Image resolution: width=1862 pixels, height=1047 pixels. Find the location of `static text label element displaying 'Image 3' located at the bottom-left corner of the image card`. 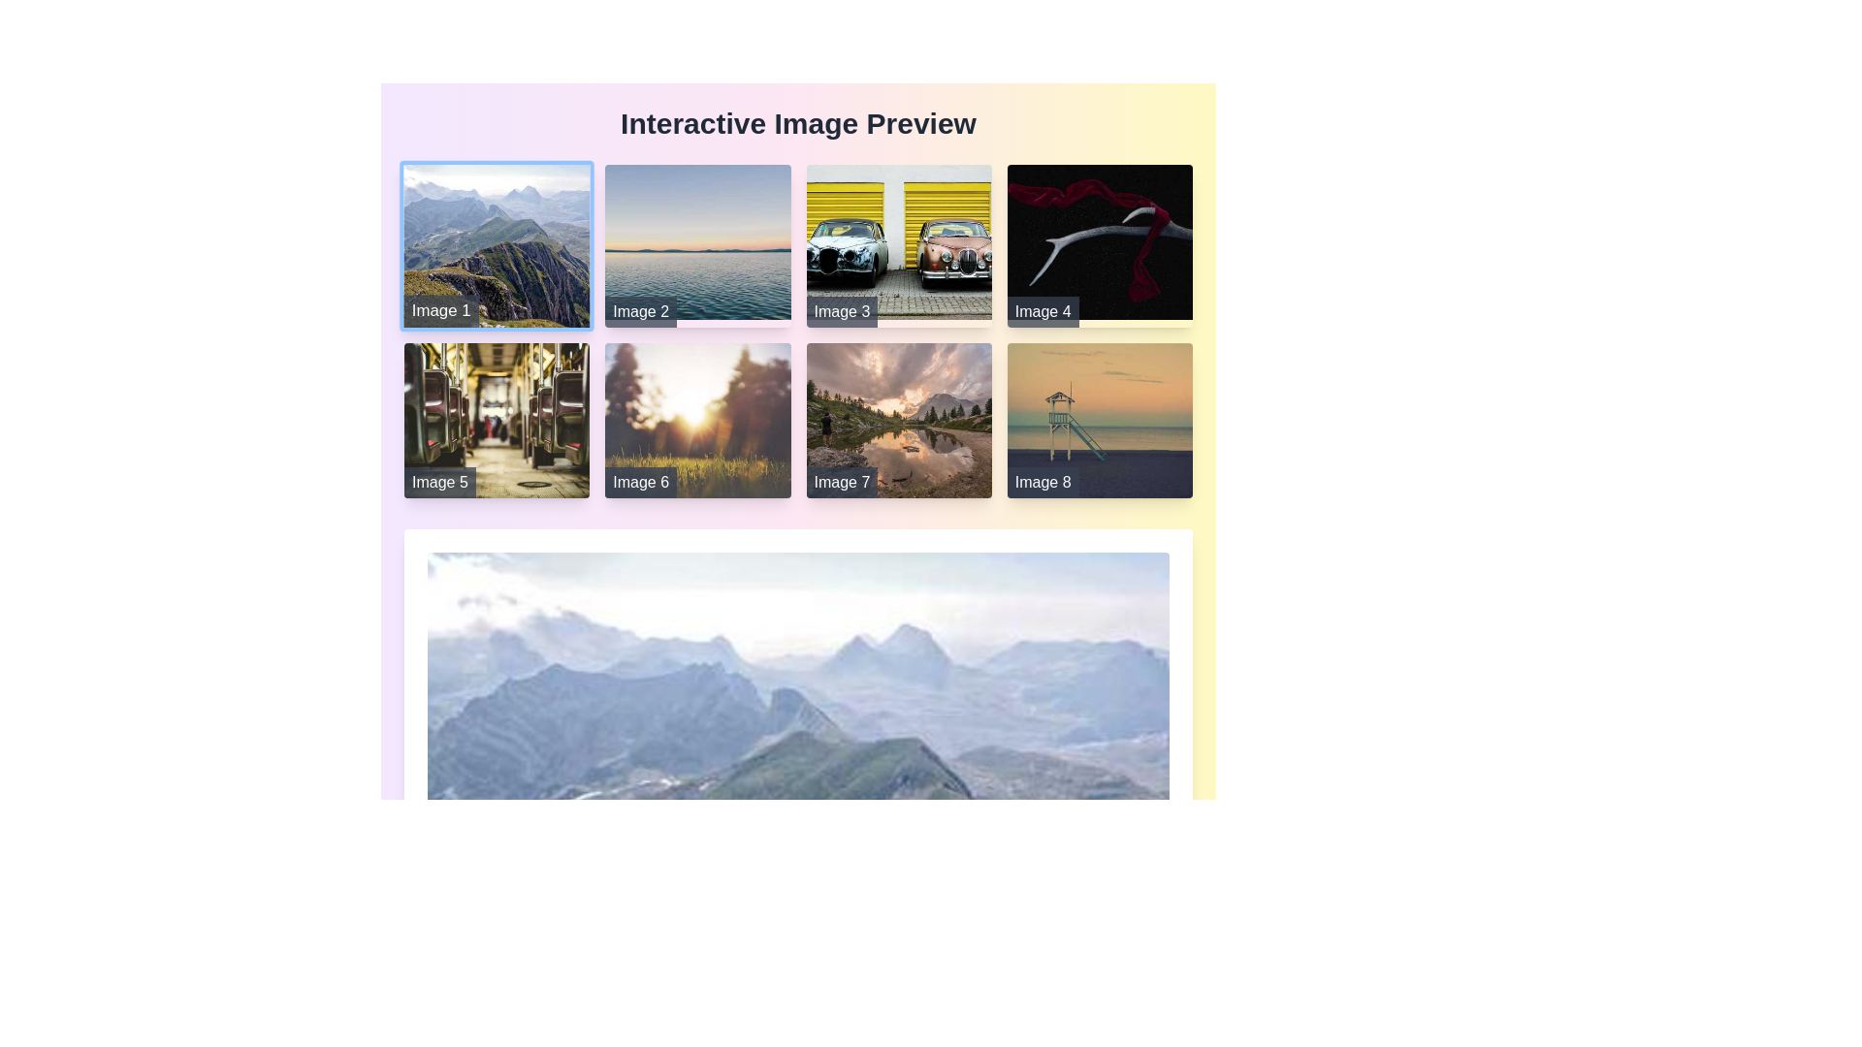

static text label element displaying 'Image 3' located at the bottom-left corner of the image card is located at coordinates (842, 310).